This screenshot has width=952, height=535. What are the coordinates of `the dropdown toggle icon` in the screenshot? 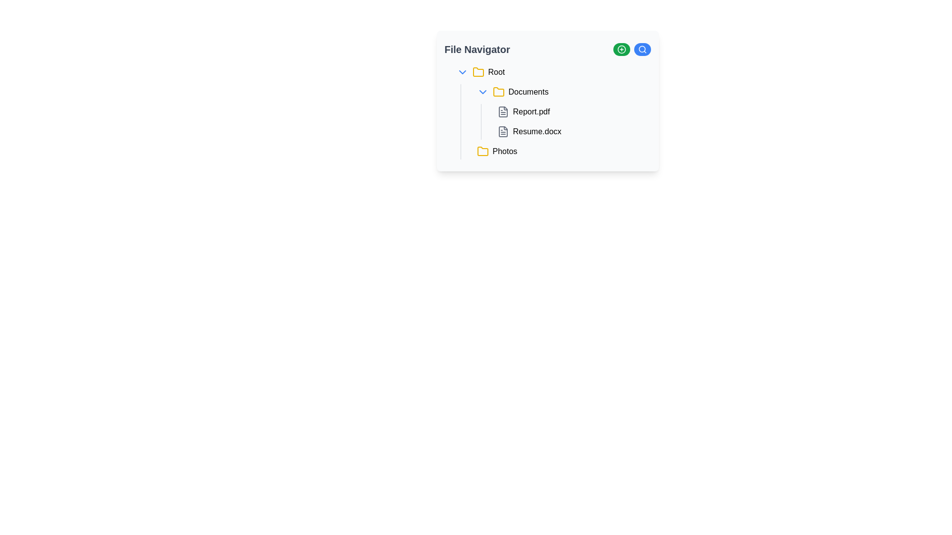 It's located at (482, 92).